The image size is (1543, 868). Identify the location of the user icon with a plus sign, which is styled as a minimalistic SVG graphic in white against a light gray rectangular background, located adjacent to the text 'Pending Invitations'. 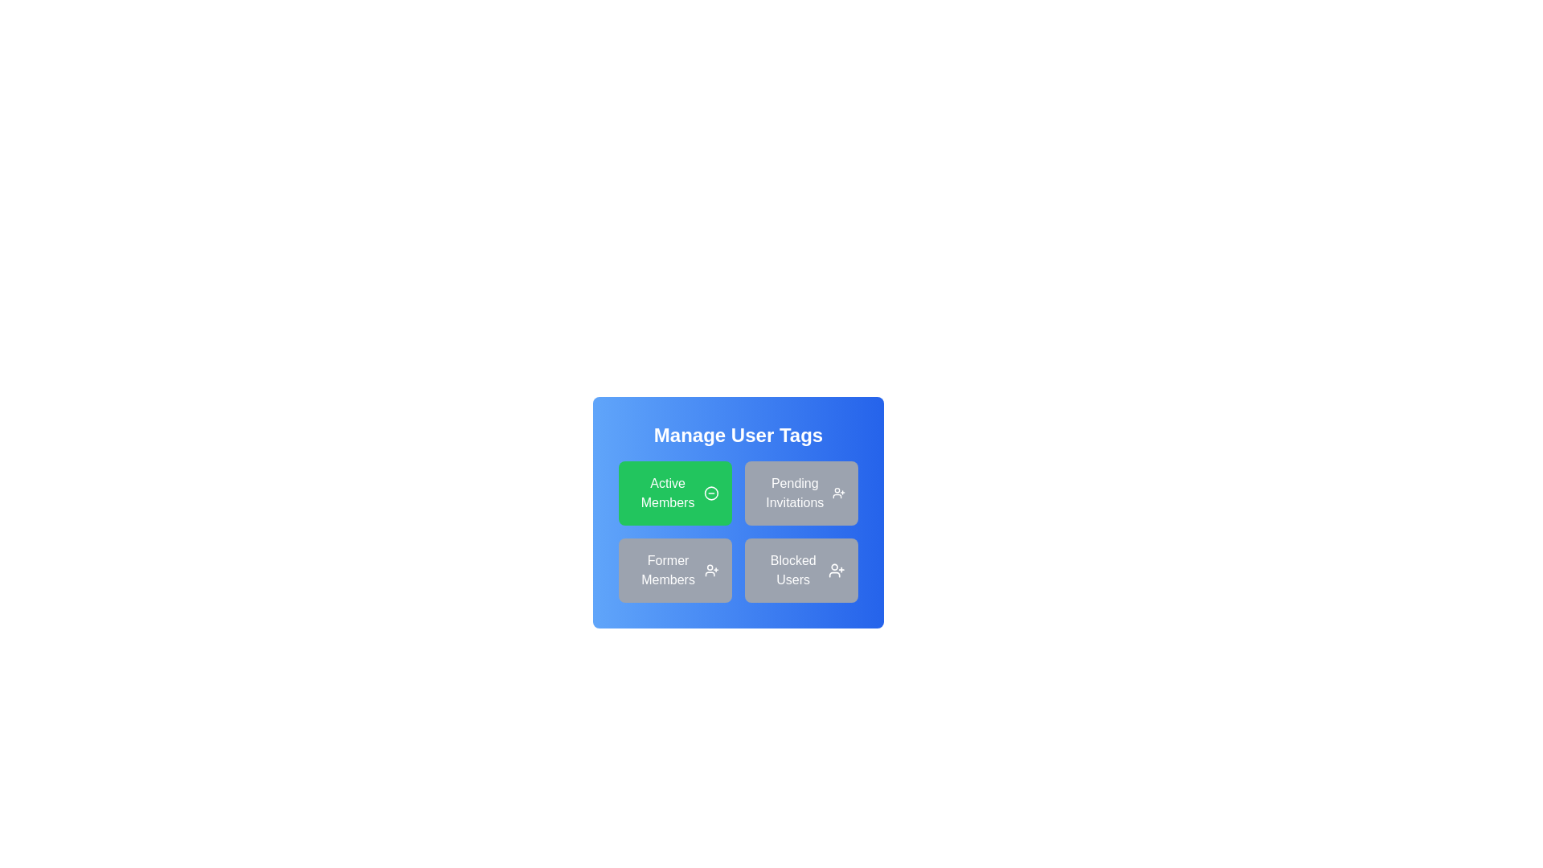
(837, 492).